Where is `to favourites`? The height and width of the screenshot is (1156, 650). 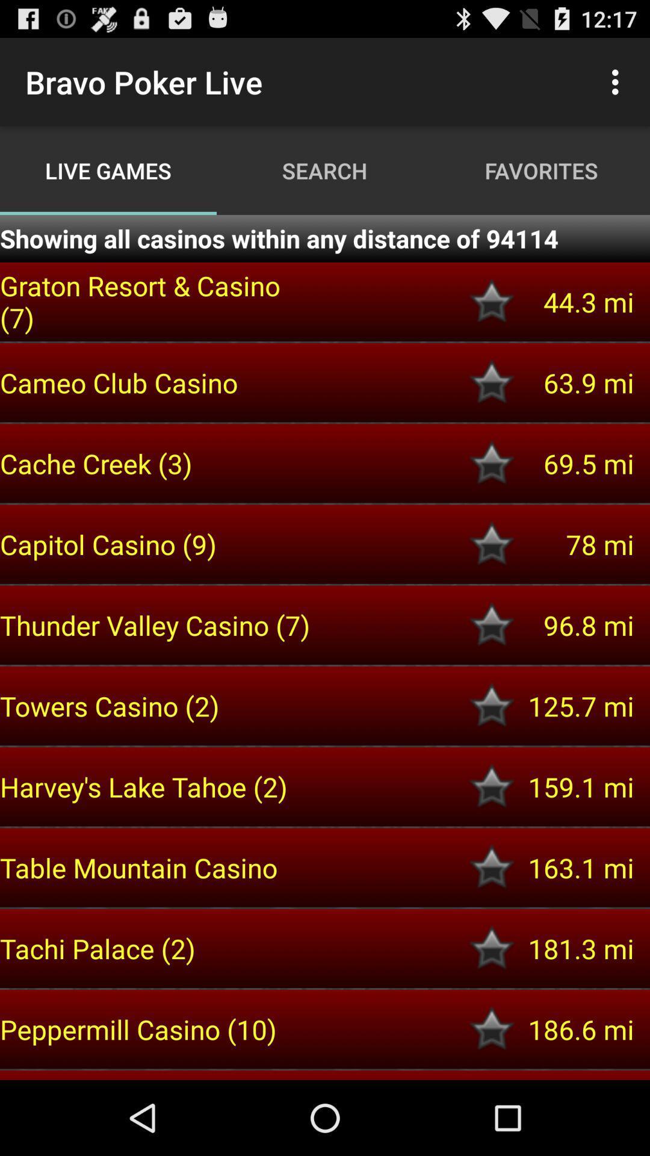
to favourites is located at coordinates (492, 462).